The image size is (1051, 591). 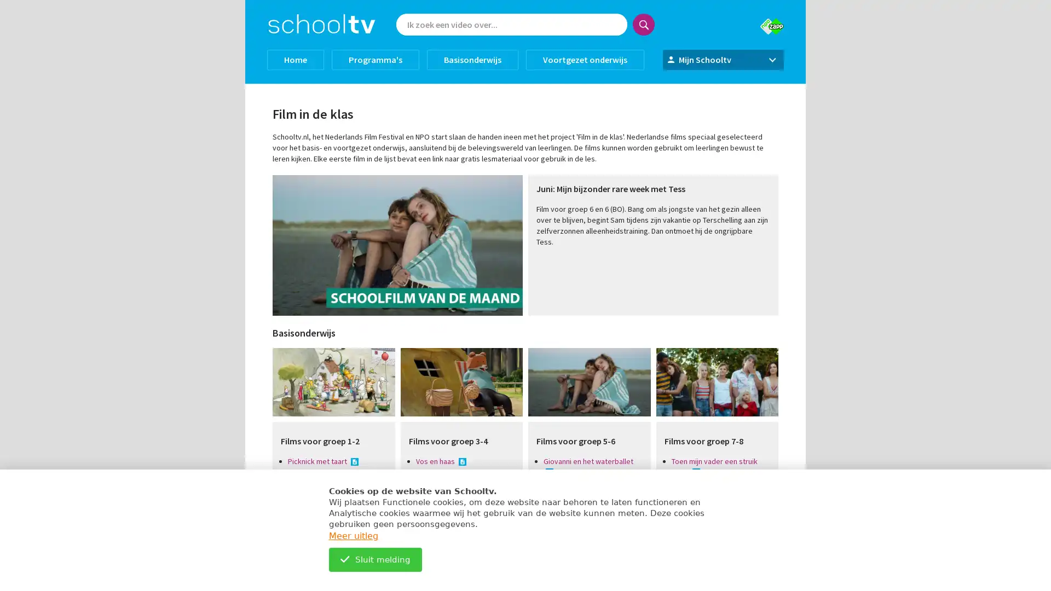 I want to click on Ja, so click(x=551, y=162).